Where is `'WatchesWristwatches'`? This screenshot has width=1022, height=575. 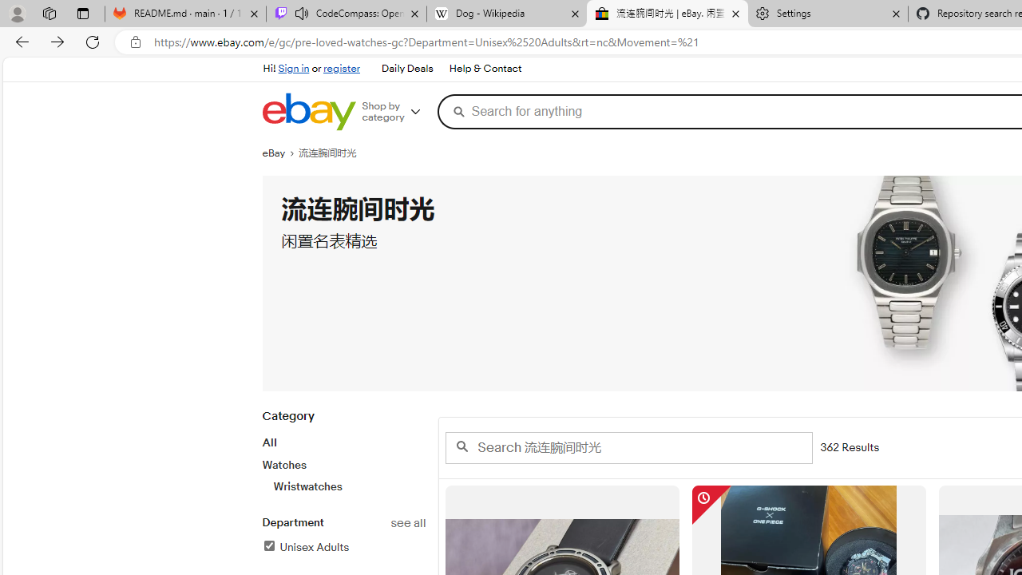
'WatchesWristwatches' is located at coordinates (343, 474).